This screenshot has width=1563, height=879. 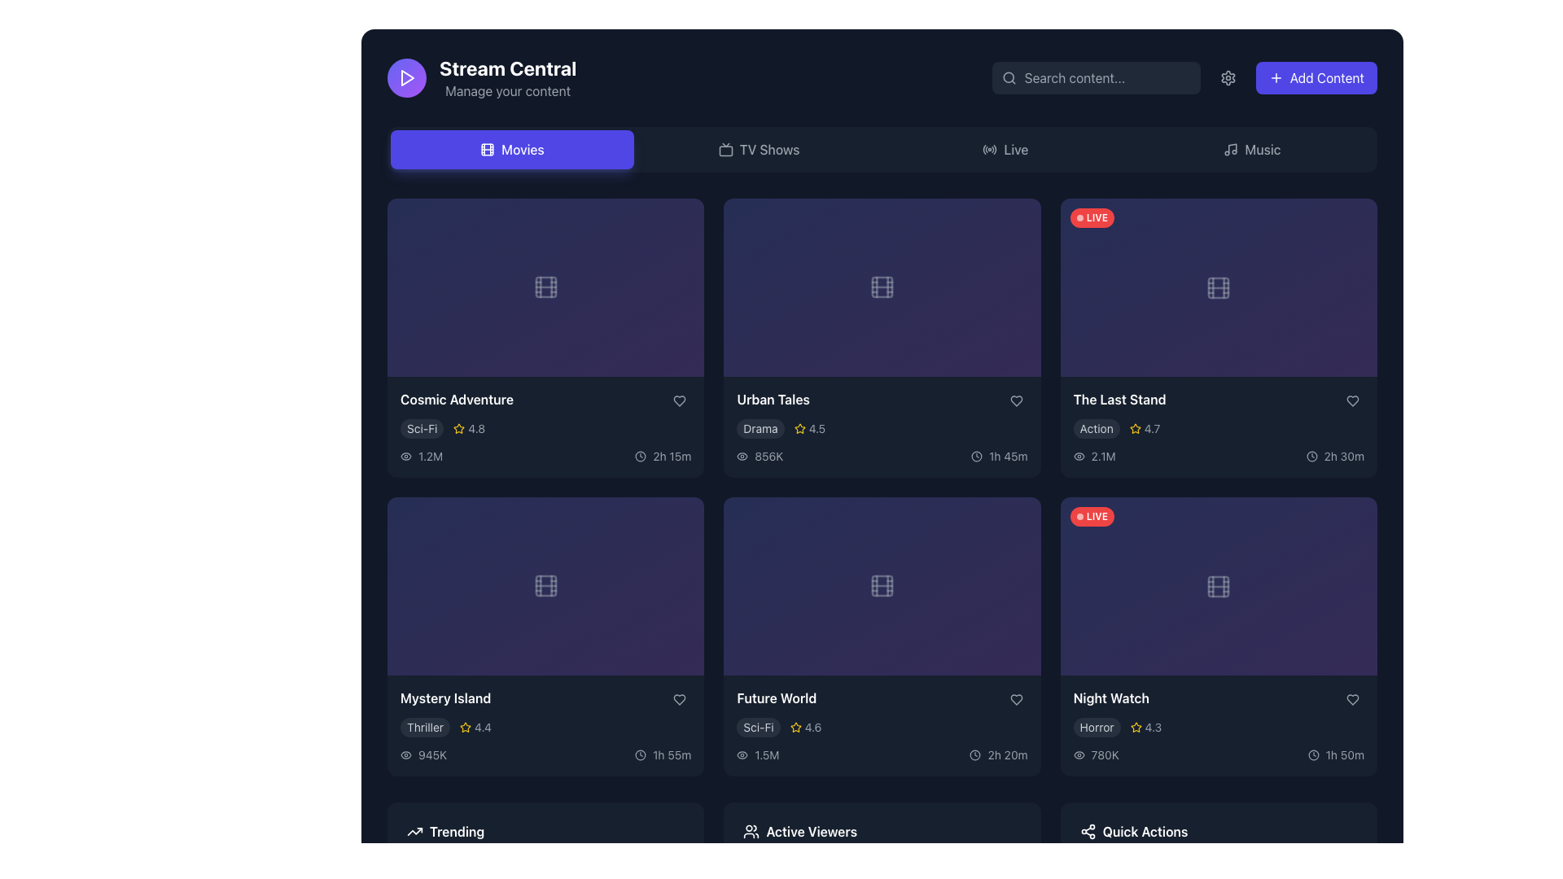 What do you see at coordinates (475, 427) in the screenshot?
I see `textual rating value '4.8' displayed next to the yellow star icon on the 'Cosmic Adventure' movie card in the first item of the first row of the movie listing grid` at bounding box center [475, 427].